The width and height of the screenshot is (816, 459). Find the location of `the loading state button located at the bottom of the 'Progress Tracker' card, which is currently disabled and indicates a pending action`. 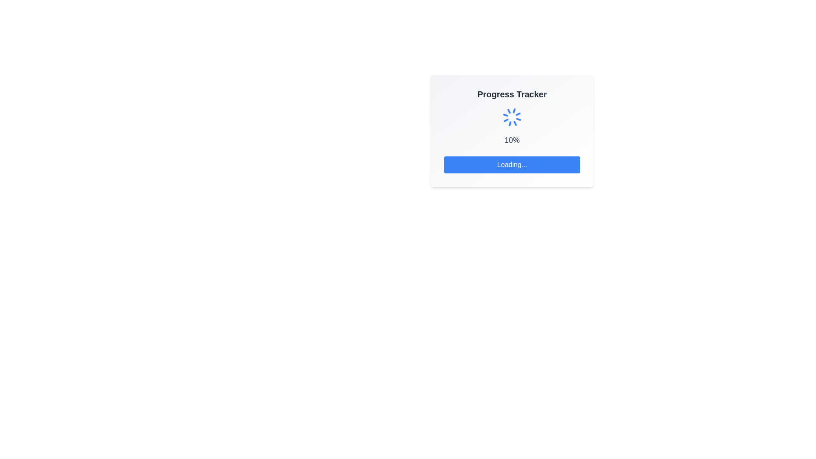

the loading state button located at the bottom of the 'Progress Tracker' card, which is currently disabled and indicates a pending action is located at coordinates (511, 165).